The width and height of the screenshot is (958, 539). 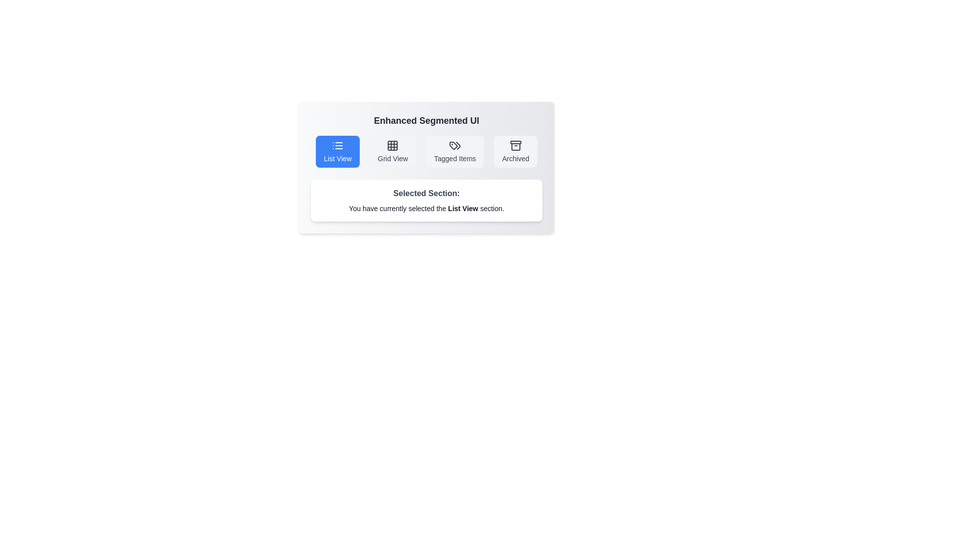 I want to click on the 'Grid View' icon in the segmented control interface, so click(x=392, y=146).